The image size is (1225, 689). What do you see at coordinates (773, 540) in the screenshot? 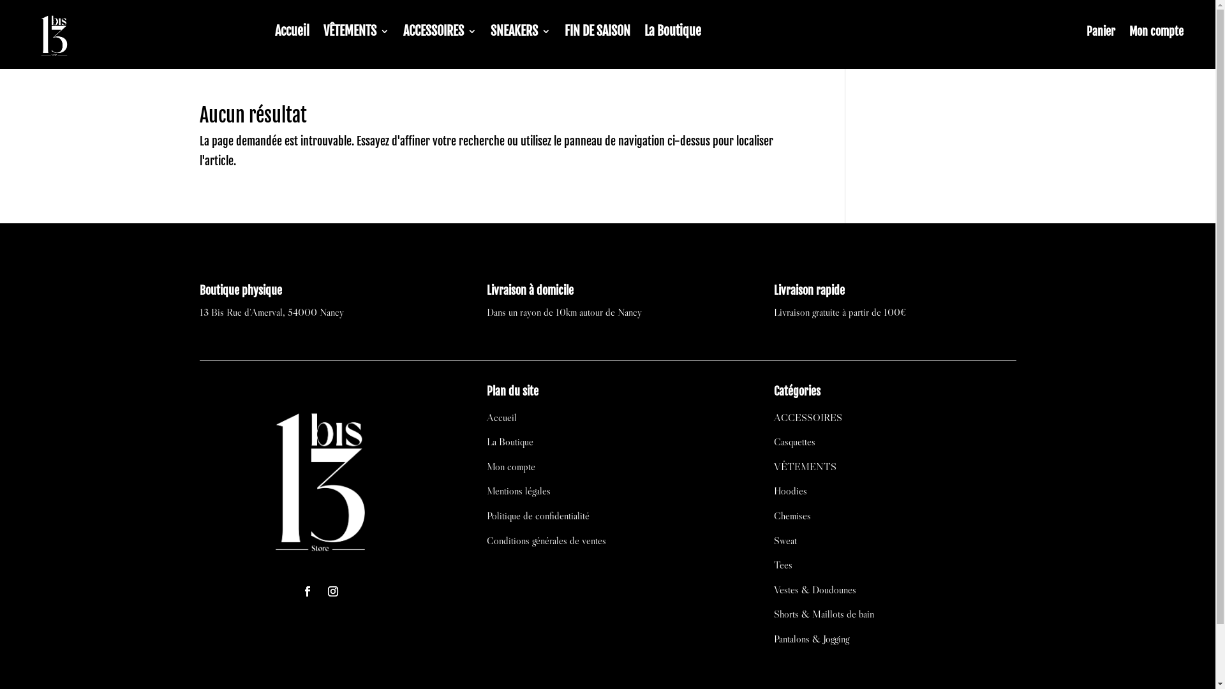
I see `'Sweat'` at bounding box center [773, 540].